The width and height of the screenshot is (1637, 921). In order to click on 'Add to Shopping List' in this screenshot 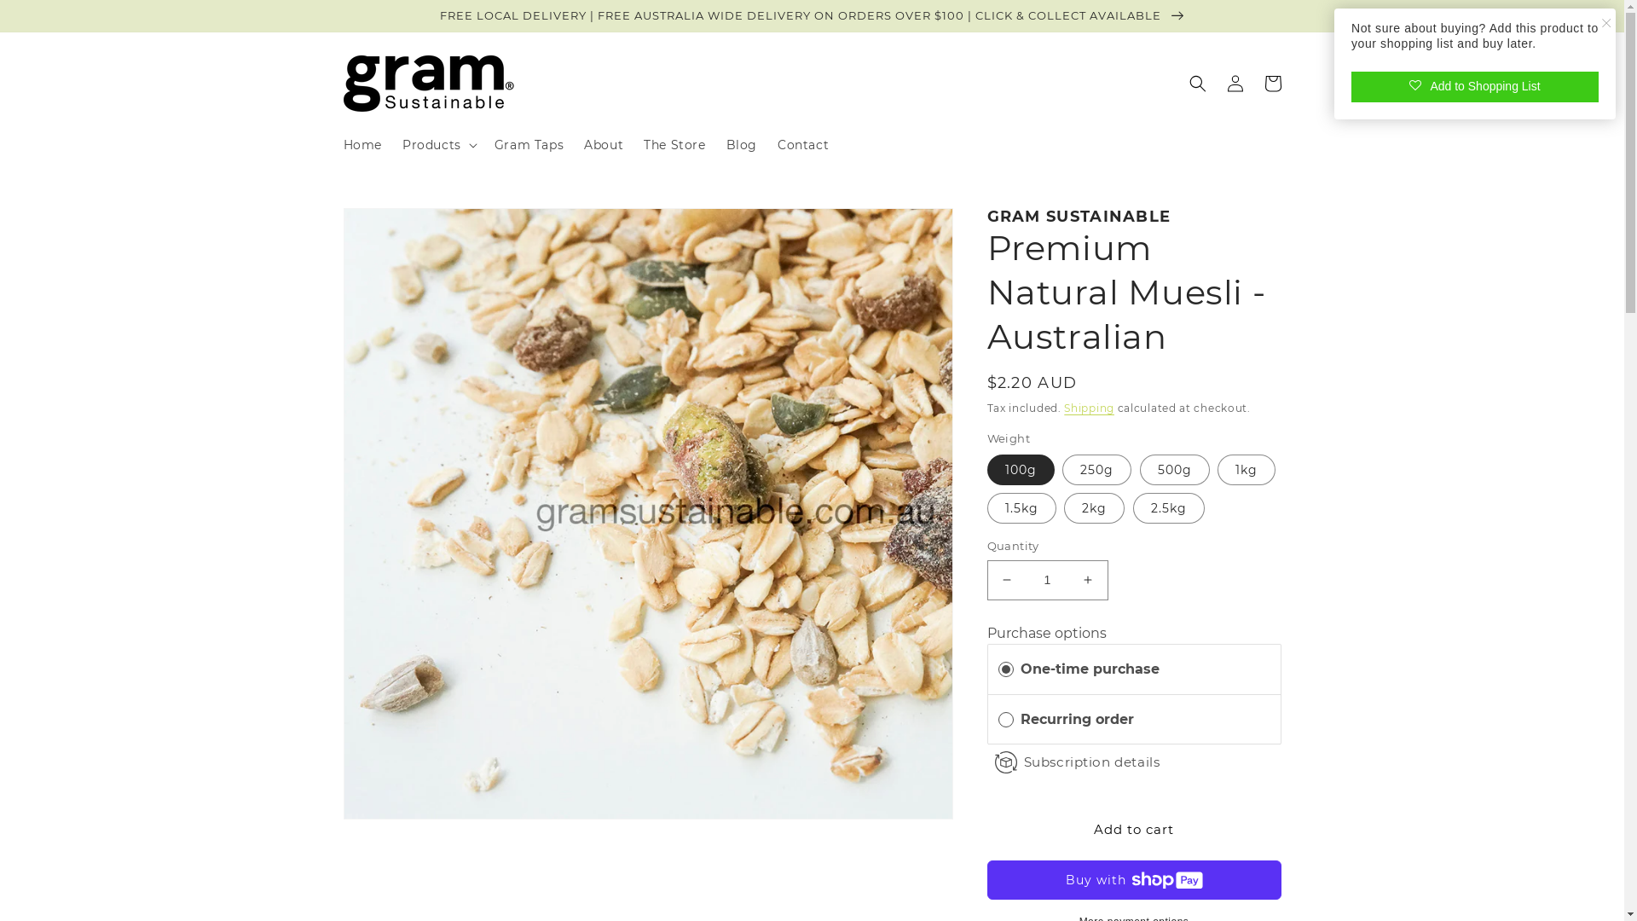, I will do `click(1473, 86)`.